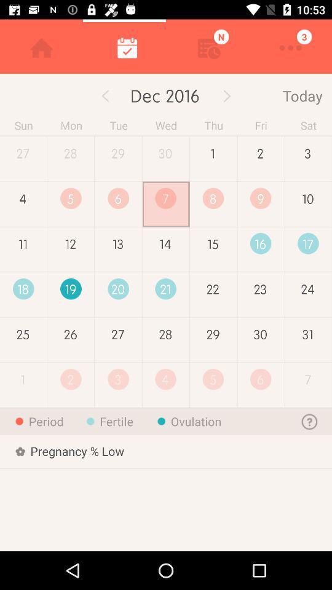 The height and width of the screenshot is (590, 332). What do you see at coordinates (309, 421) in the screenshot?
I see `the help icon` at bounding box center [309, 421].